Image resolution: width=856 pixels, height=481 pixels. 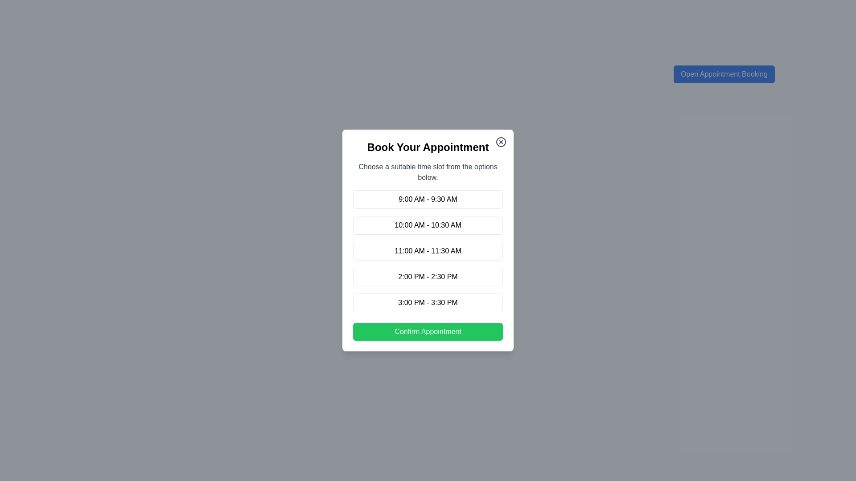 I want to click on the third time slot in the 'Book Your Appointment' modal, which is a non-interactive display of a time slot, so click(x=428, y=251).